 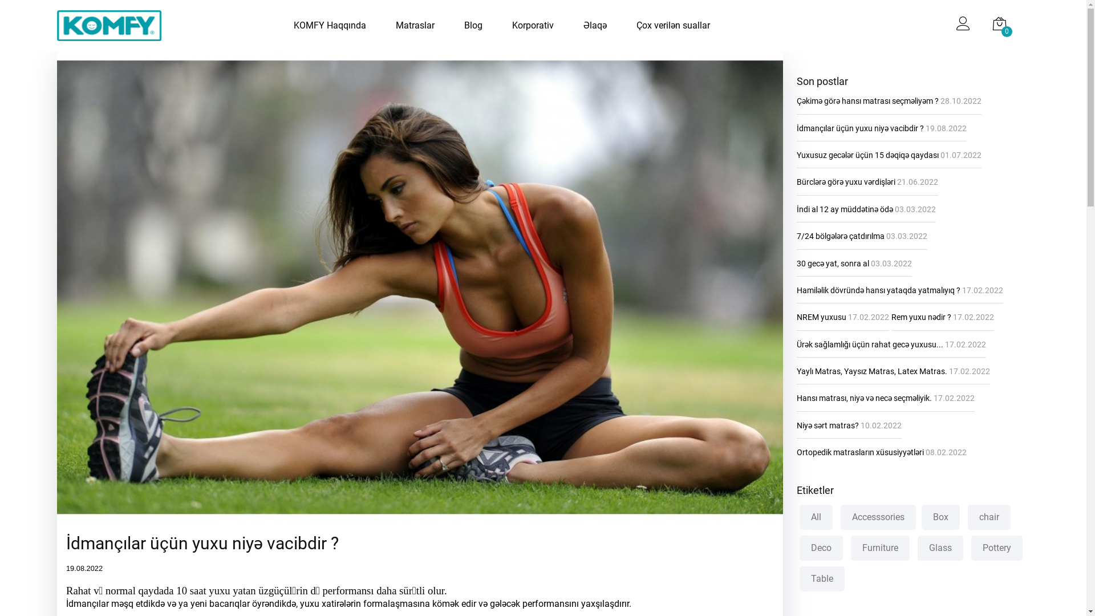 What do you see at coordinates (798, 578) in the screenshot?
I see `'Table'` at bounding box center [798, 578].